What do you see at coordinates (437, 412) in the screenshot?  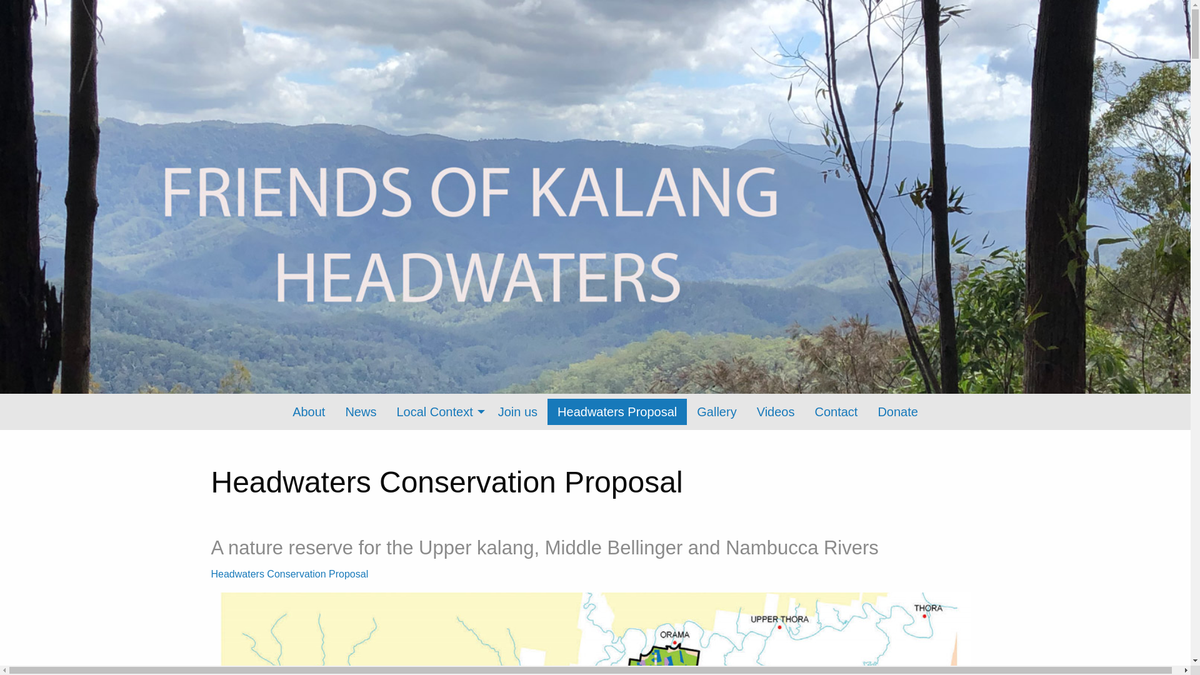 I see `'Local Context'` at bounding box center [437, 412].